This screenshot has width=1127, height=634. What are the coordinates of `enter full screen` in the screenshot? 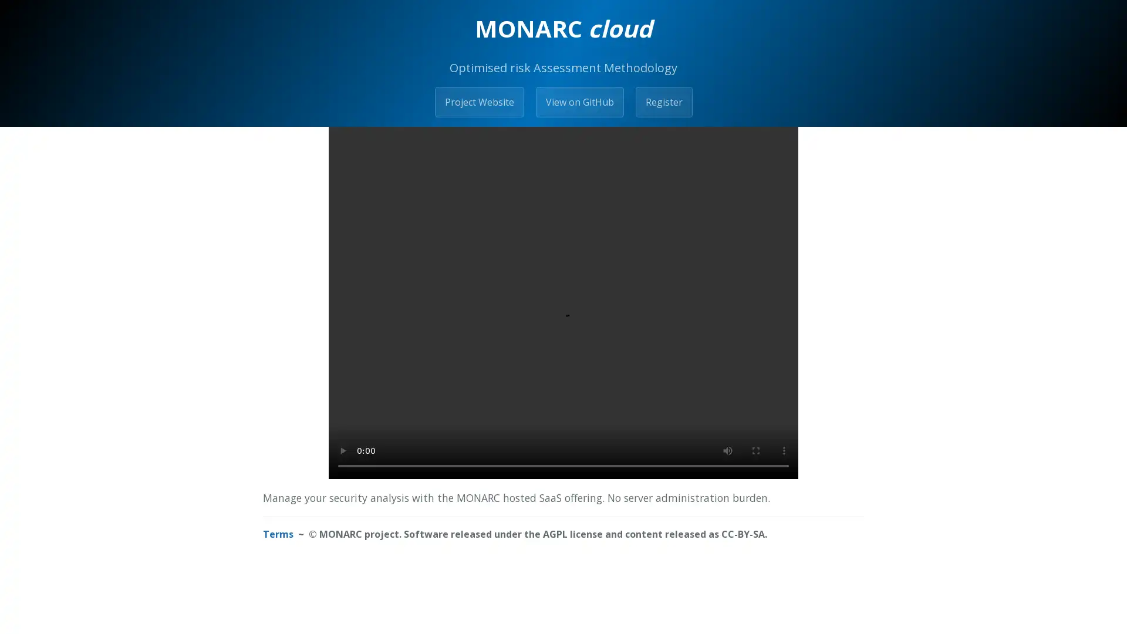 It's located at (755, 450).